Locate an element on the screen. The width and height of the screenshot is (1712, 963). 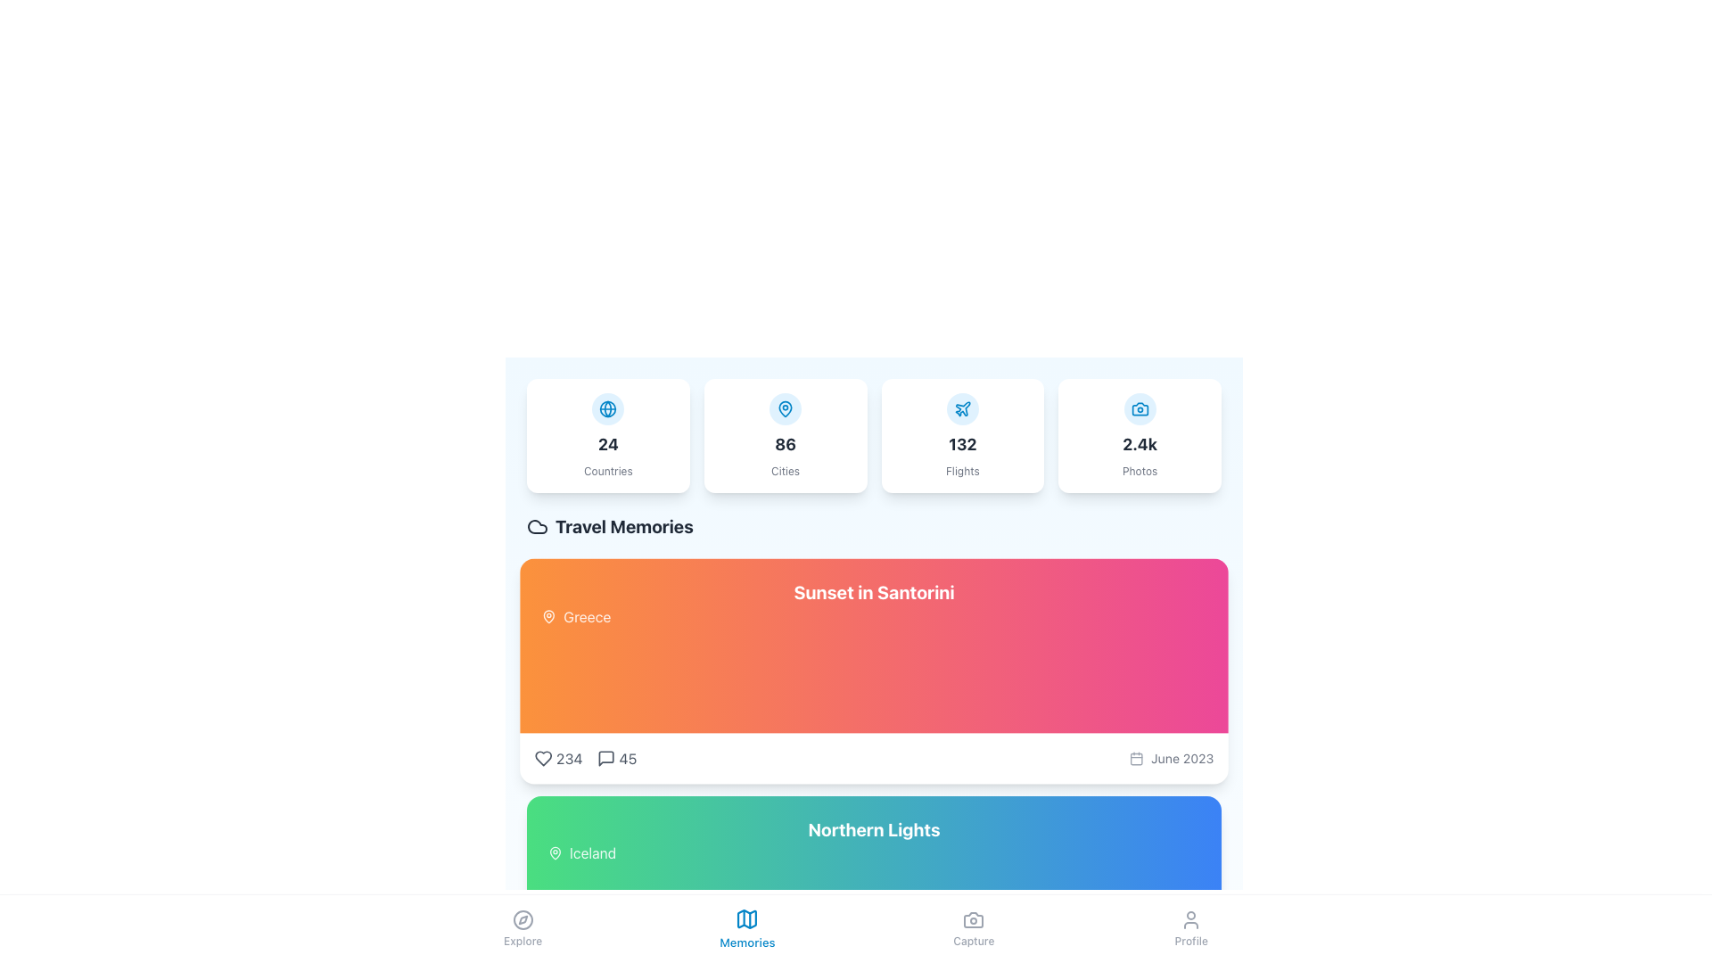
the globe icon located at the top left corner of the first information card is located at coordinates (608, 409).